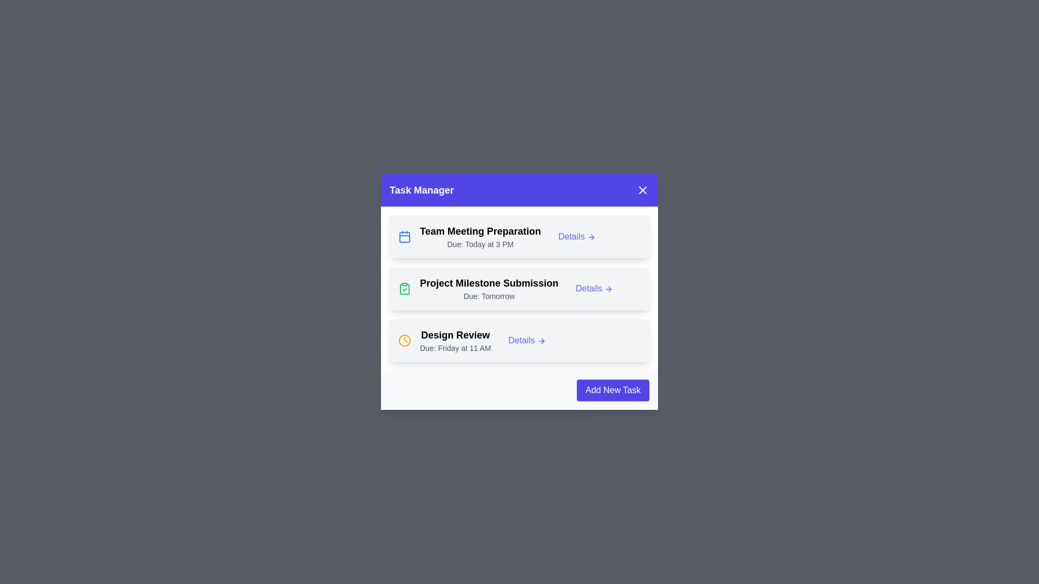  I want to click on the navigation icon located to the right of the 'Details' label in the second row of the list, so click(609, 288).